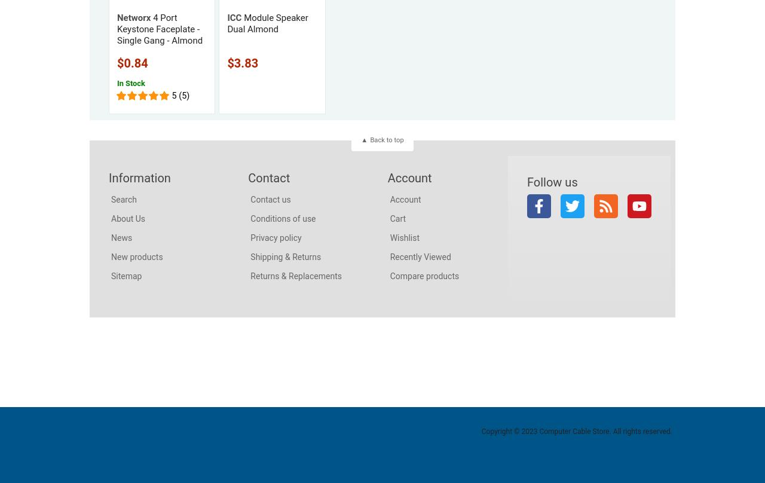  Describe the element at coordinates (249, 198) in the screenshot. I see `'Contact us'` at that location.